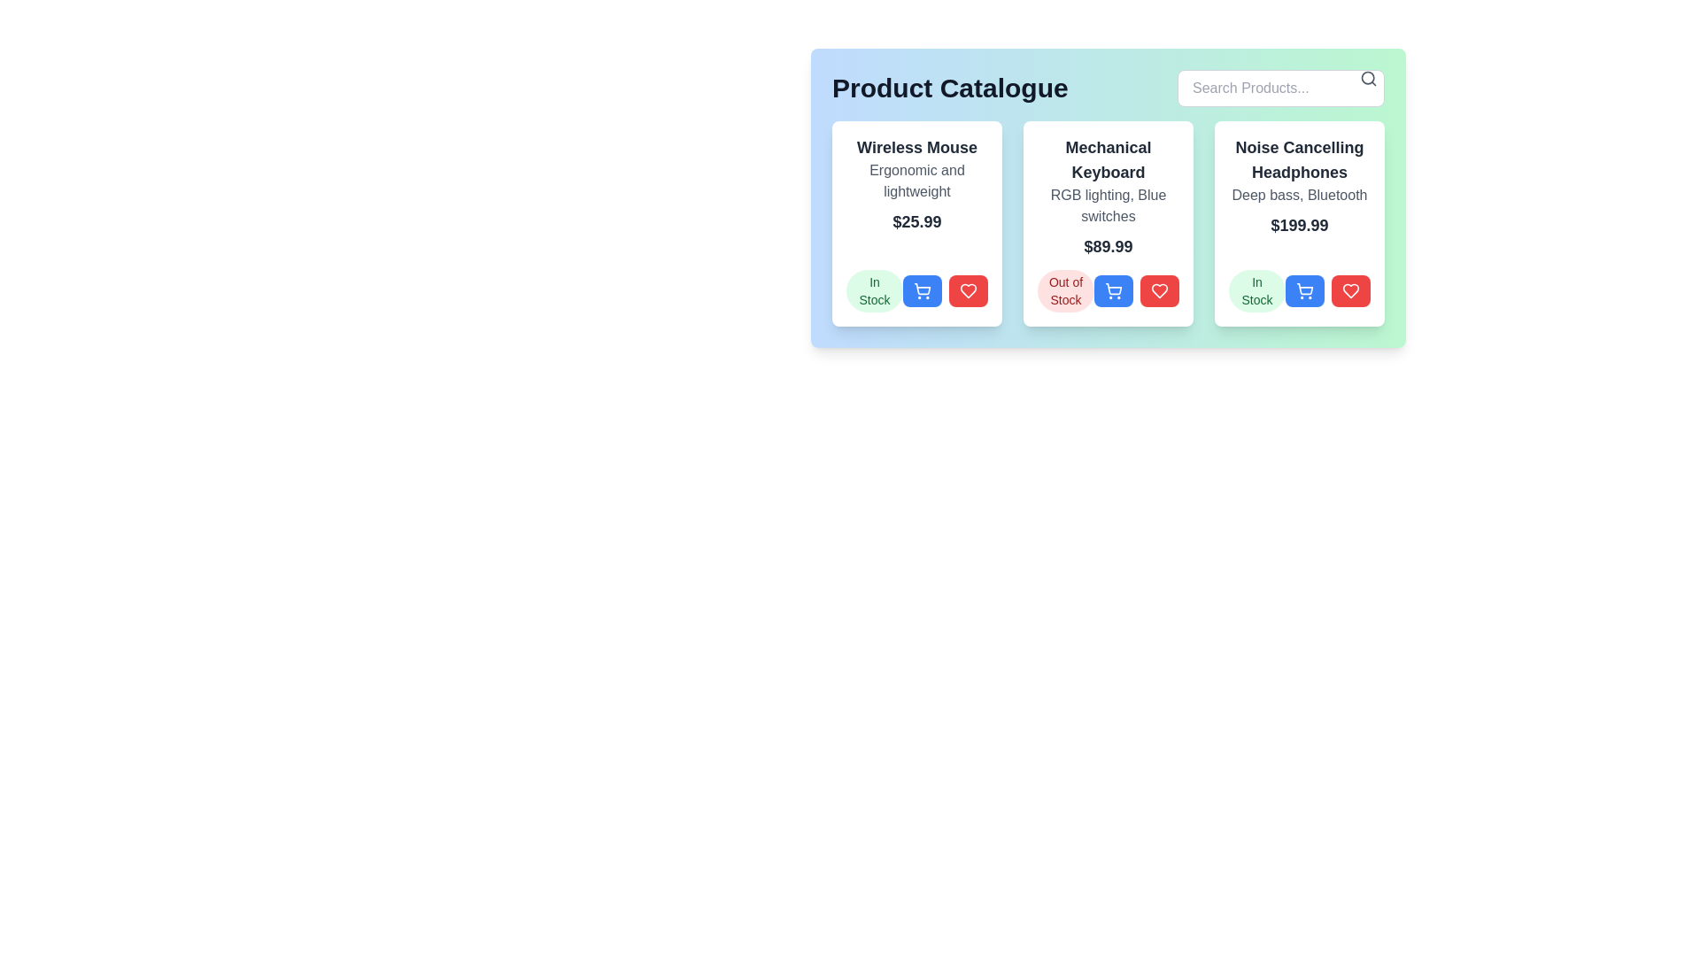 The height and width of the screenshot is (956, 1700). Describe the element at coordinates (1350, 289) in the screenshot. I see `the favorite icon located at the bottom-right corner of the 'Noise Cancelling Headphones' product card to mark it as a favorite` at that location.